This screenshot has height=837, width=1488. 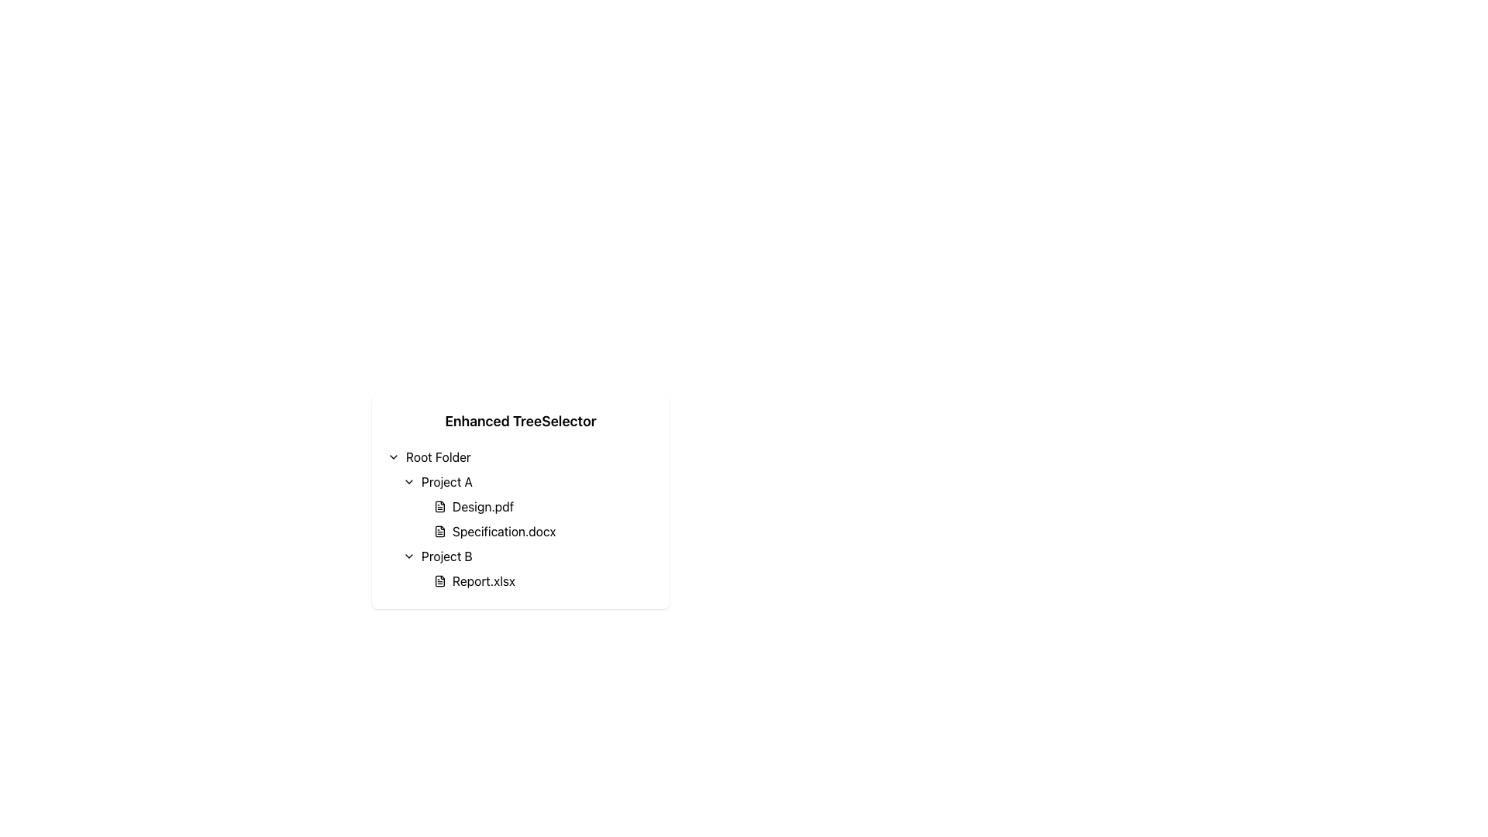 I want to click on the SVG Icon, so click(x=409, y=480).